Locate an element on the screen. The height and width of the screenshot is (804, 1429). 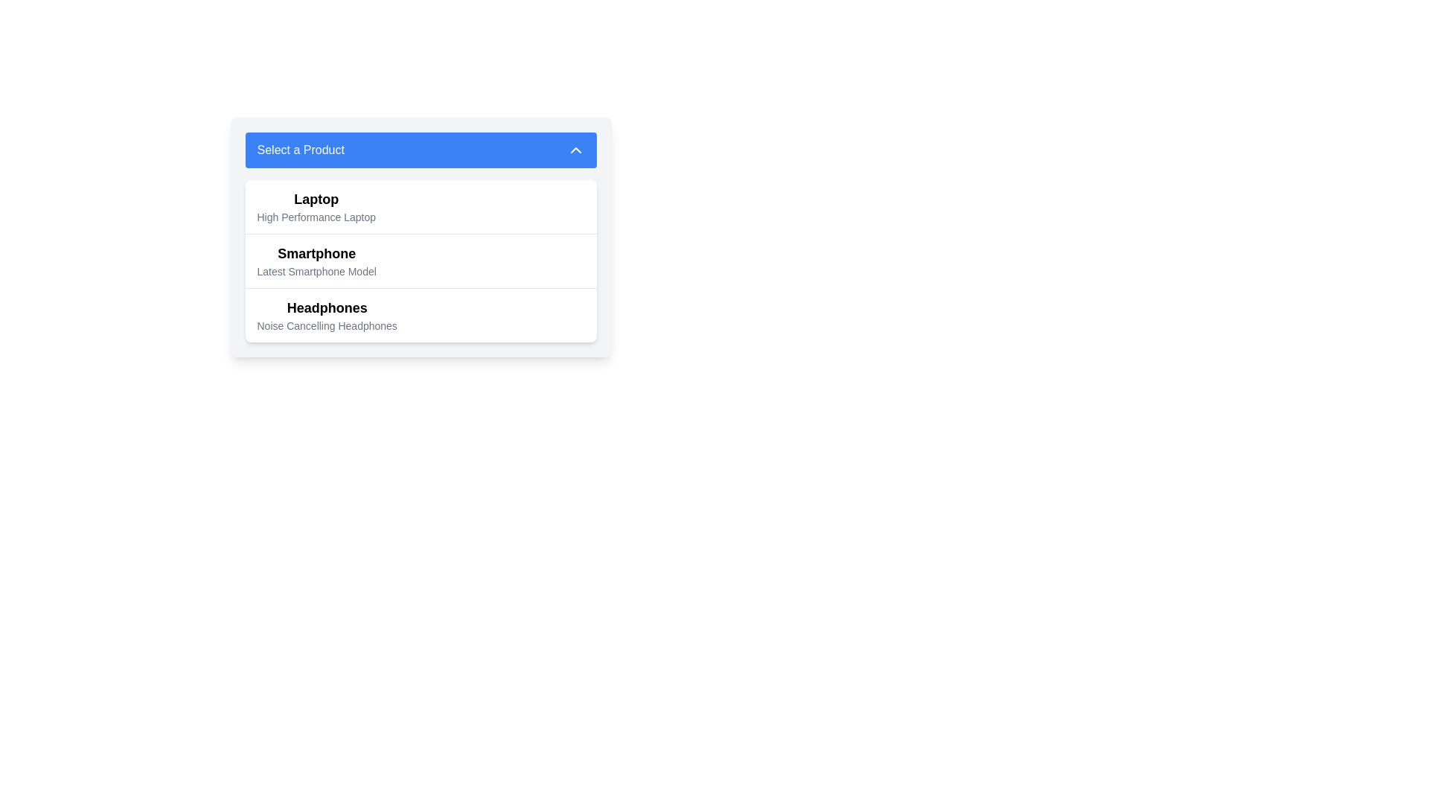
the second list item representing a smartphone is located at coordinates (316, 261).